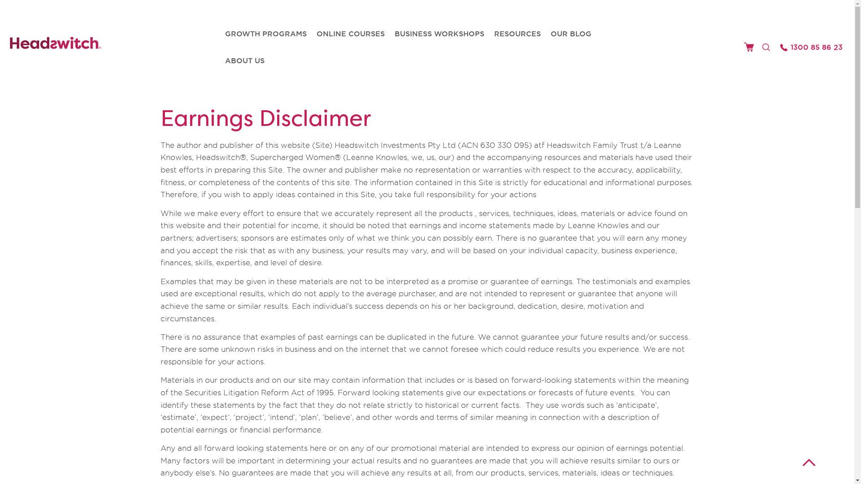 The image size is (861, 484). I want to click on 'ABOUT US', so click(245, 60).